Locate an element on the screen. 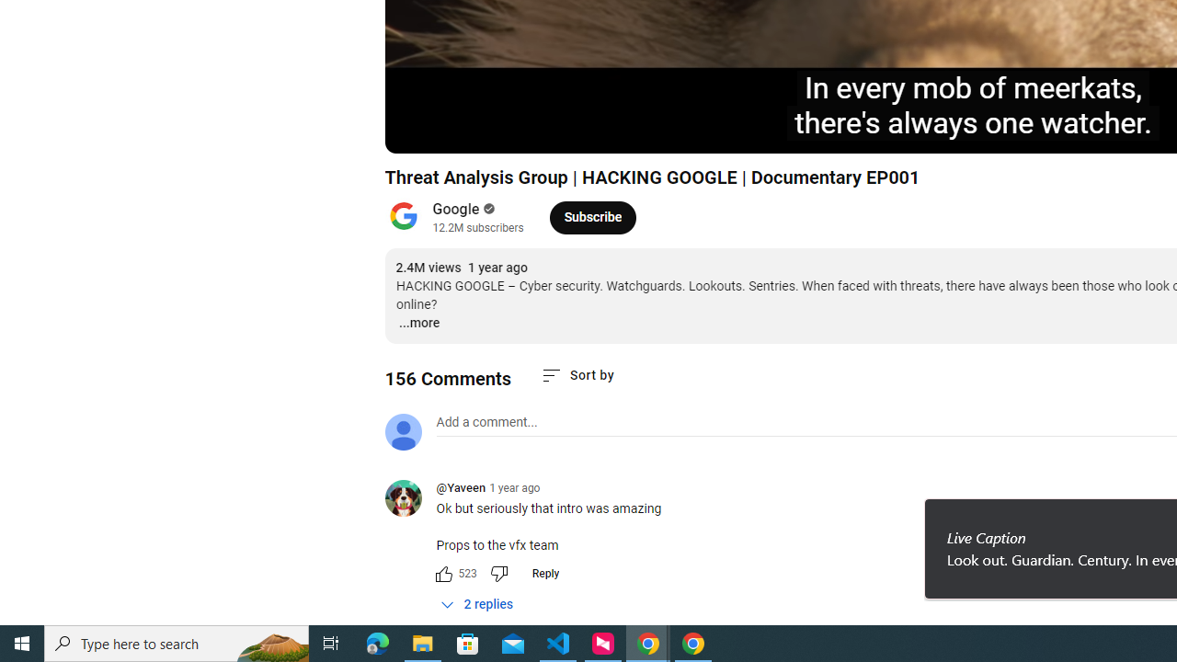 The height and width of the screenshot is (662, 1177). 'Subscribe to Google.' is located at coordinates (592, 216).